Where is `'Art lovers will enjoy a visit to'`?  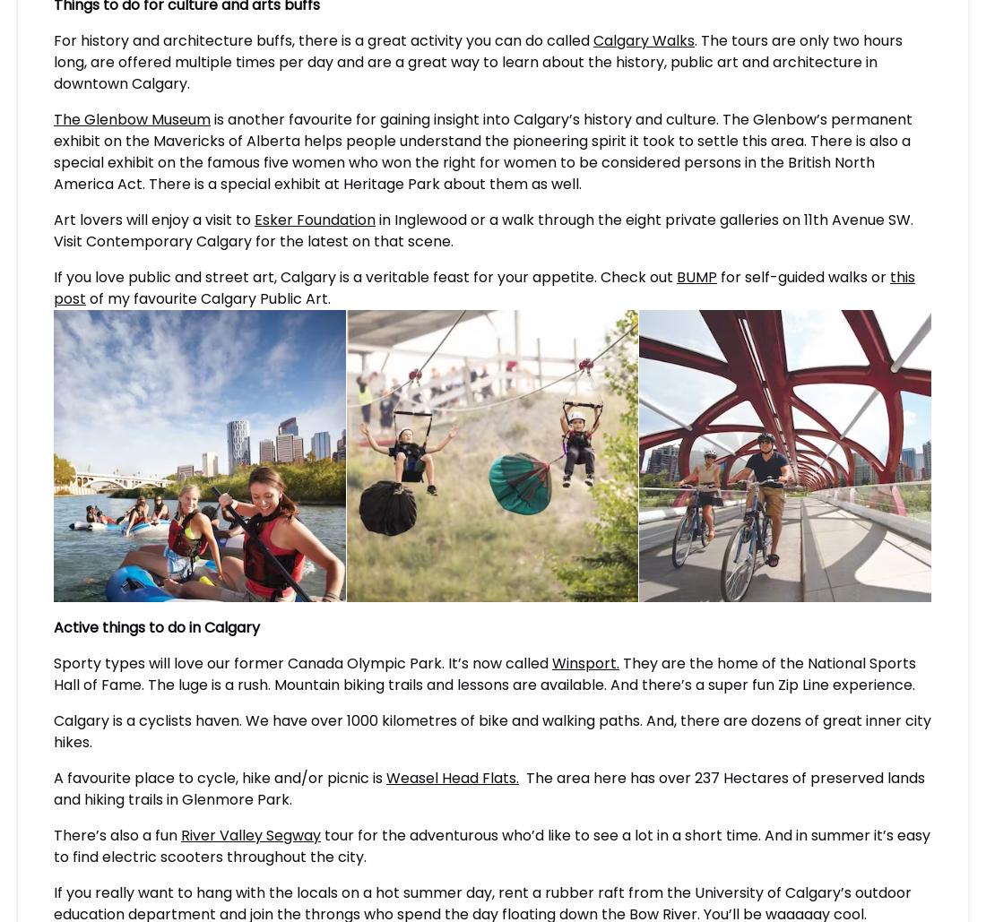 'Art lovers will enjoy a visit to' is located at coordinates (153, 218).